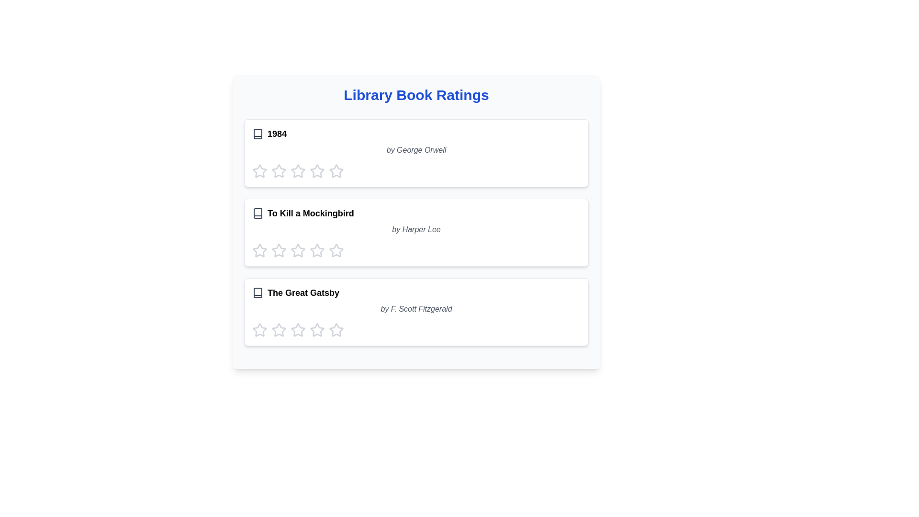 This screenshot has width=919, height=517. I want to click on the fifth star rating button for 'To Kill a Mockingbird' to observe its animation, so click(336, 250).